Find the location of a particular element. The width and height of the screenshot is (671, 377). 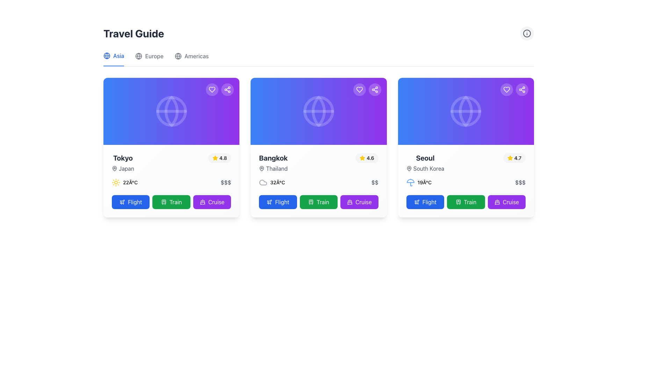

the text label displaying the price level indication located at the bottom right corner of the card for Bangkok's information is located at coordinates (374, 182).